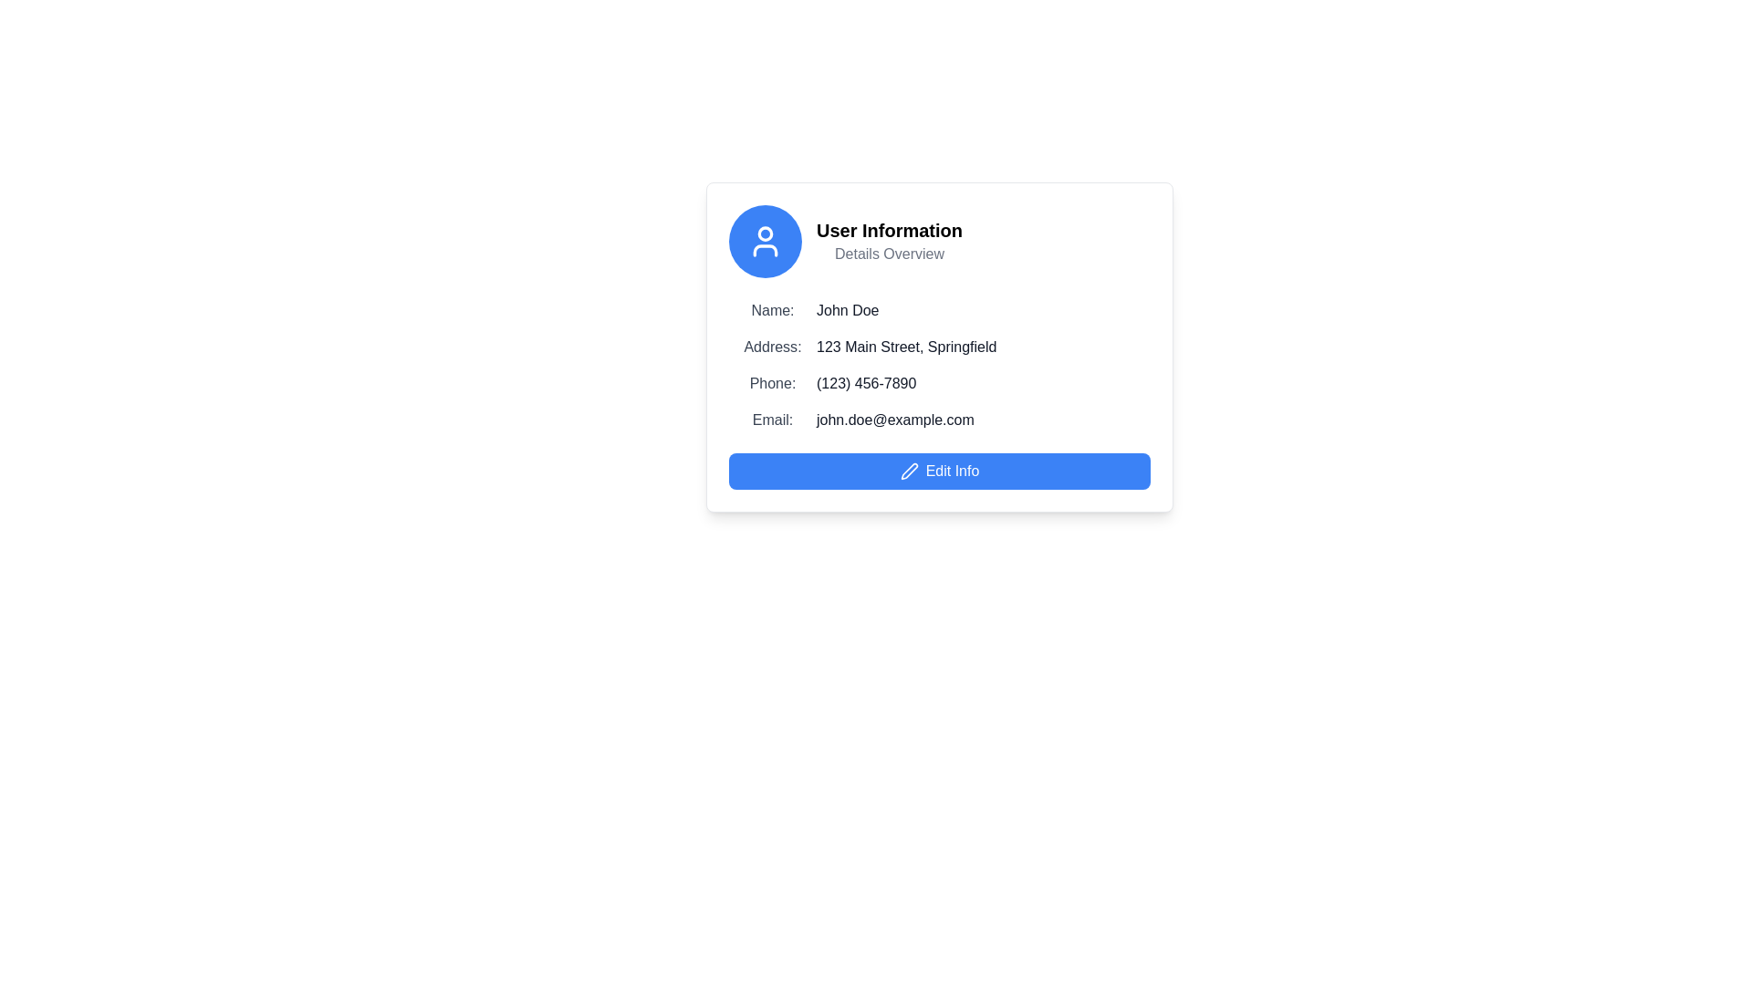 Image resolution: width=1752 pixels, height=985 pixels. What do you see at coordinates (951, 470) in the screenshot?
I see `the 'Edit Info' button, which is a white text on a blue background` at bounding box center [951, 470].